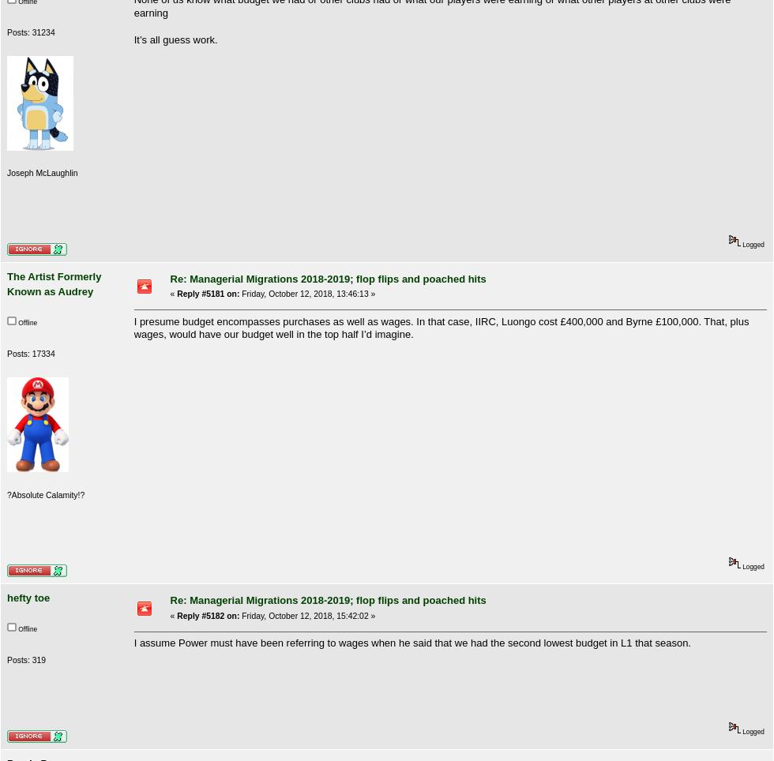 The image size is (774, 761). What do you see at coordinates (441, 327) in the screenshot?
I see `'I presume budget encompasses purchases as well as wages. In that case, IIRC, Luongo cost £400,000 and Byrne £100,000. That, plus wages, would have our budget well in the top half I’d imagine.'` at bounding box center [441, 327].